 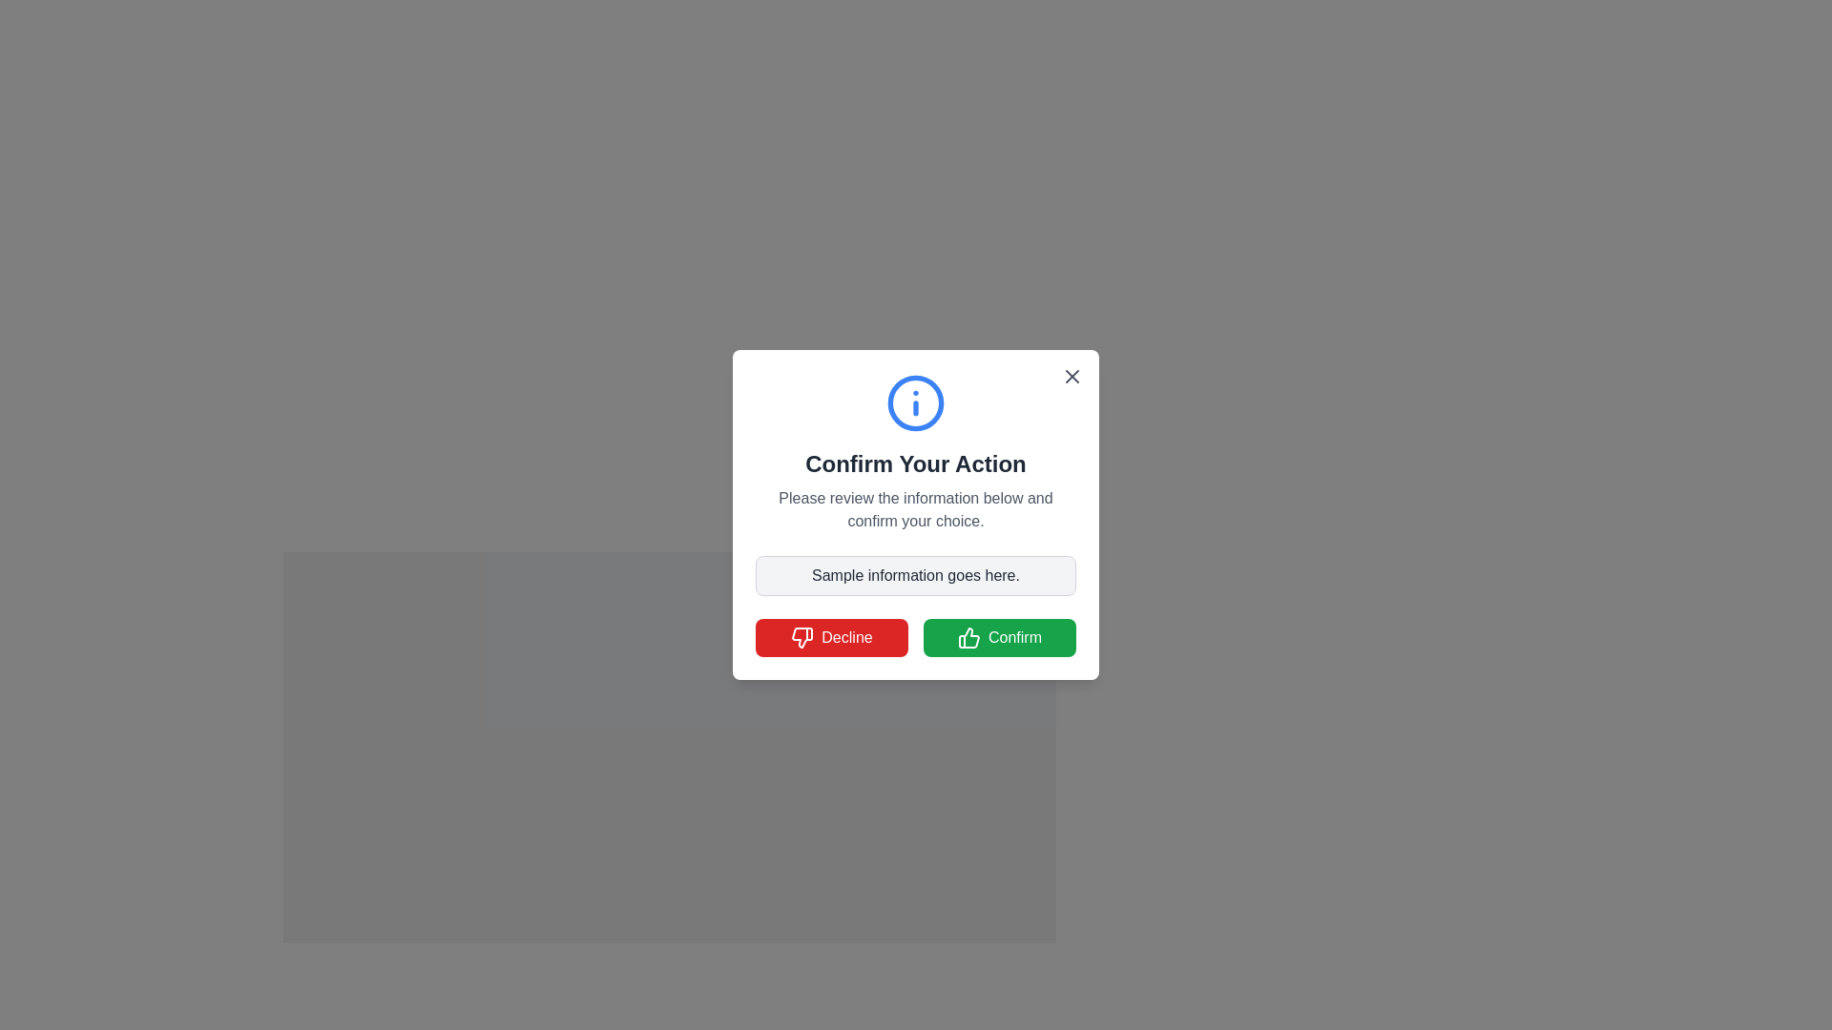 What do you see at coordinates (916, 463) in the screenshot?
I see `Heading Text located in the modal dialog, which serves as the title summarizing the content below` at bounding box center [916, 463].